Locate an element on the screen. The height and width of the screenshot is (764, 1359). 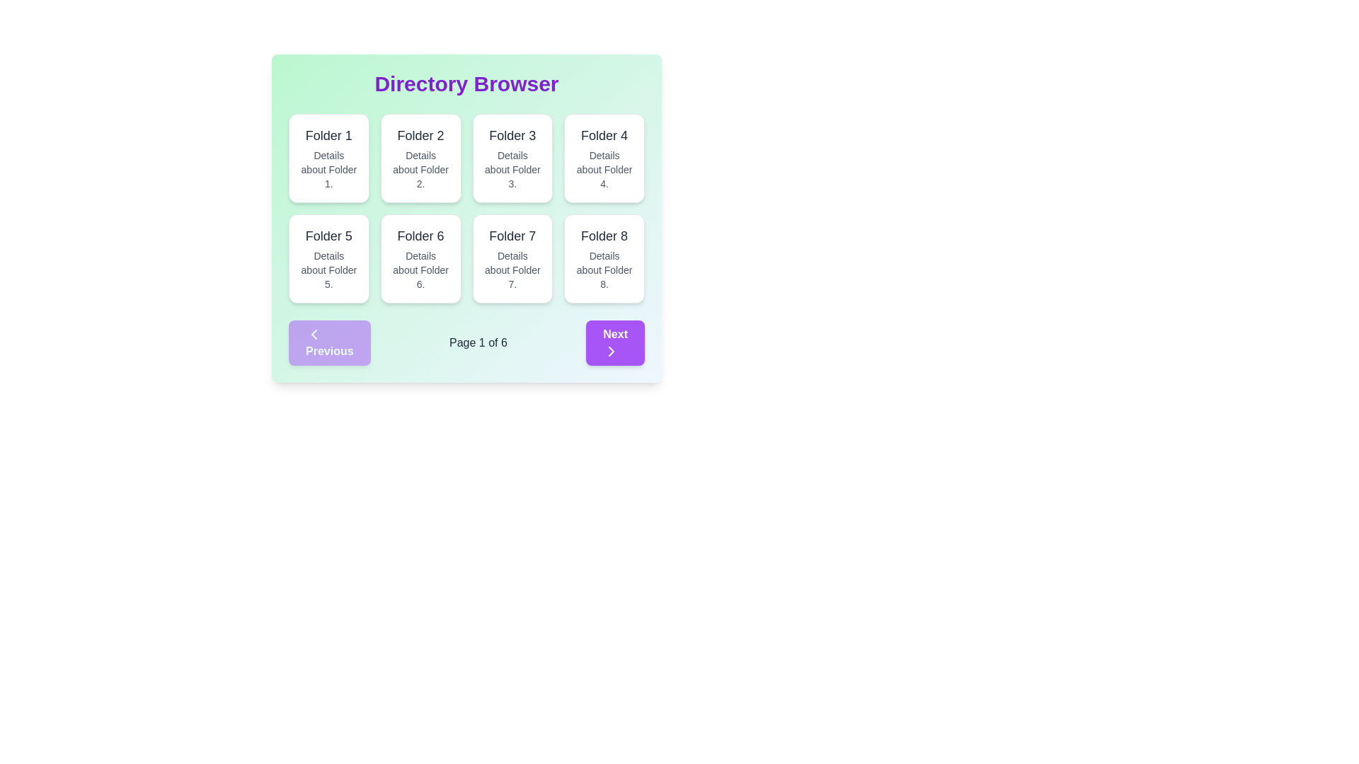
the text label that displays 'Details about Folder 2.' located in the second box of a grid layout, positioned below 'Folder 2' is located at coordinates (420, 168).